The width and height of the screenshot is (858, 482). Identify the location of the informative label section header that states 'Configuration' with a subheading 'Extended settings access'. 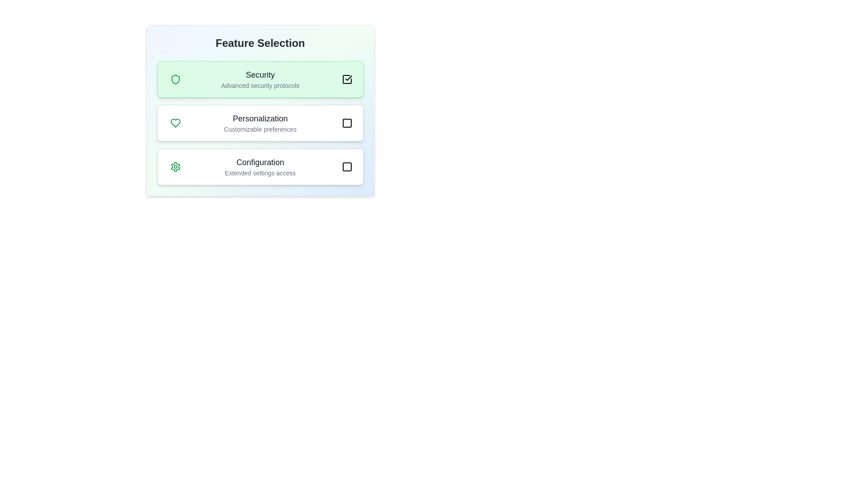
(260, 167).